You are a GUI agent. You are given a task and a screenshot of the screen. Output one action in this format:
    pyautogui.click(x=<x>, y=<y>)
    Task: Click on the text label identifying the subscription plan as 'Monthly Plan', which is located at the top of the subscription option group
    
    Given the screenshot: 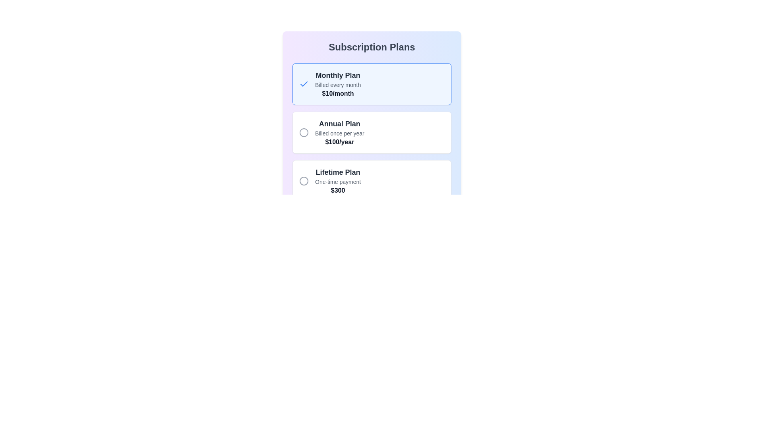 What is the action you would take?
    pyautogui.click(x=338, y=75)
    